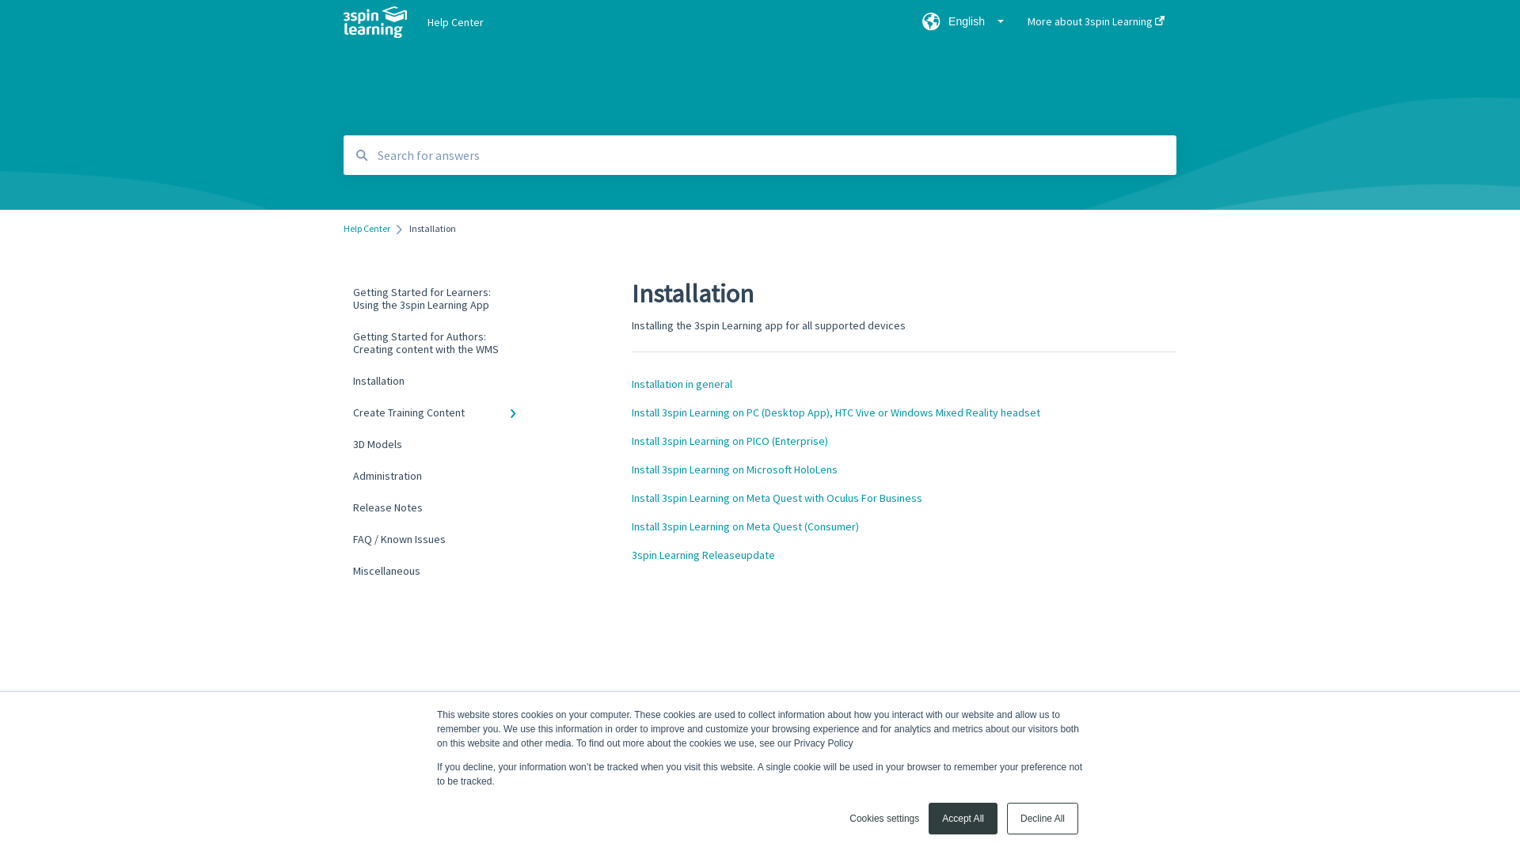  I want to click on 'Getting Started for Learners: Using the 3spin Learning App', so click(438, 298).